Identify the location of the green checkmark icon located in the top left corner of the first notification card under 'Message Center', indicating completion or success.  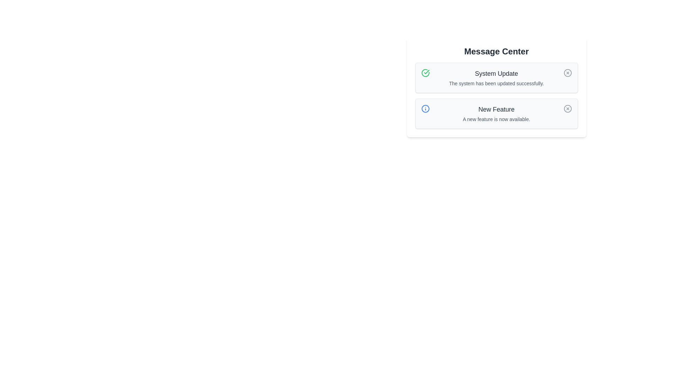
(426, 72).